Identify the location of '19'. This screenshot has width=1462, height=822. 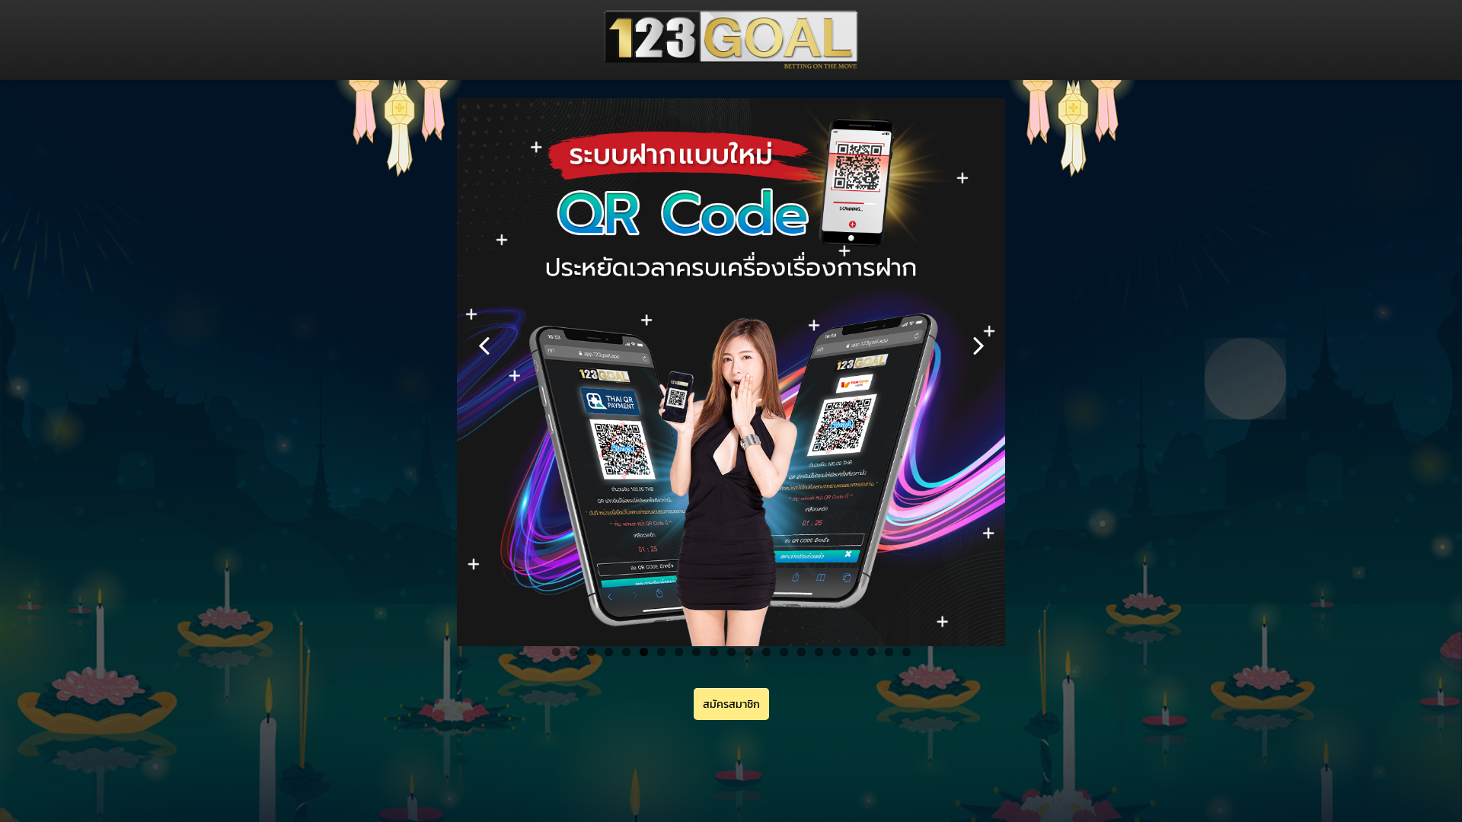
(866, 651).